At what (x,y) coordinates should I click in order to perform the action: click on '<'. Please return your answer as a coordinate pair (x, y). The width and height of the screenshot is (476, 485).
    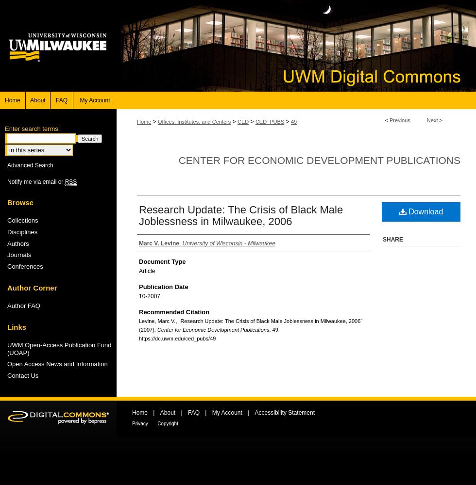
    Looking at the image, I should click on (387, 120).